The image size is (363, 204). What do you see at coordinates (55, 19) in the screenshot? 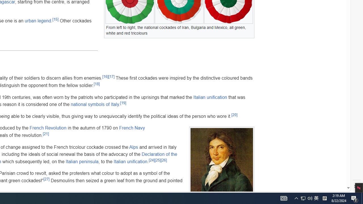
I see `'[15]'` at bounding box center [55, 19].